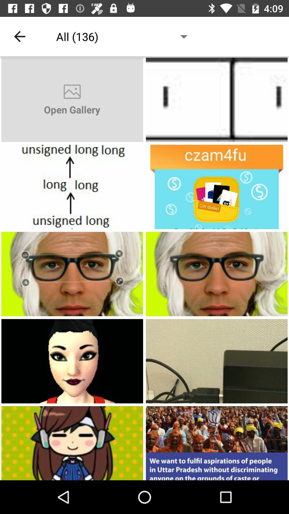  What do you see at coordinates (72, 187) in the screenshot?
I see `open` at bounding box center [72, 187].